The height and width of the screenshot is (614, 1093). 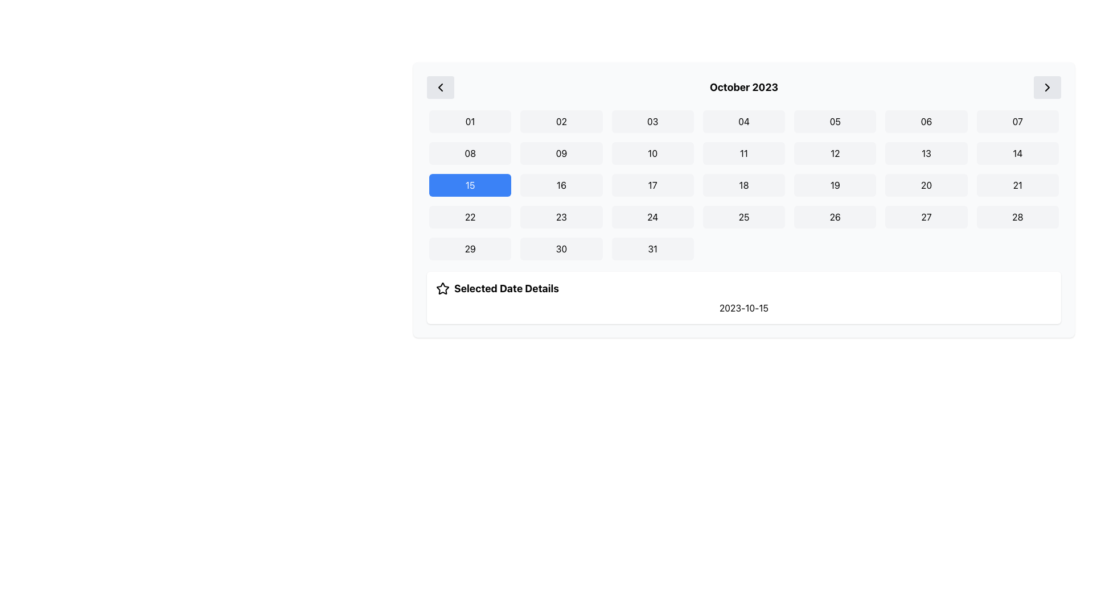 What do you see at coordinates (743, 185) in the screenshot?
I see `the rectangular button displaying the number '18' with a light gray background and rounded corners` at bounding box center [743, 185].